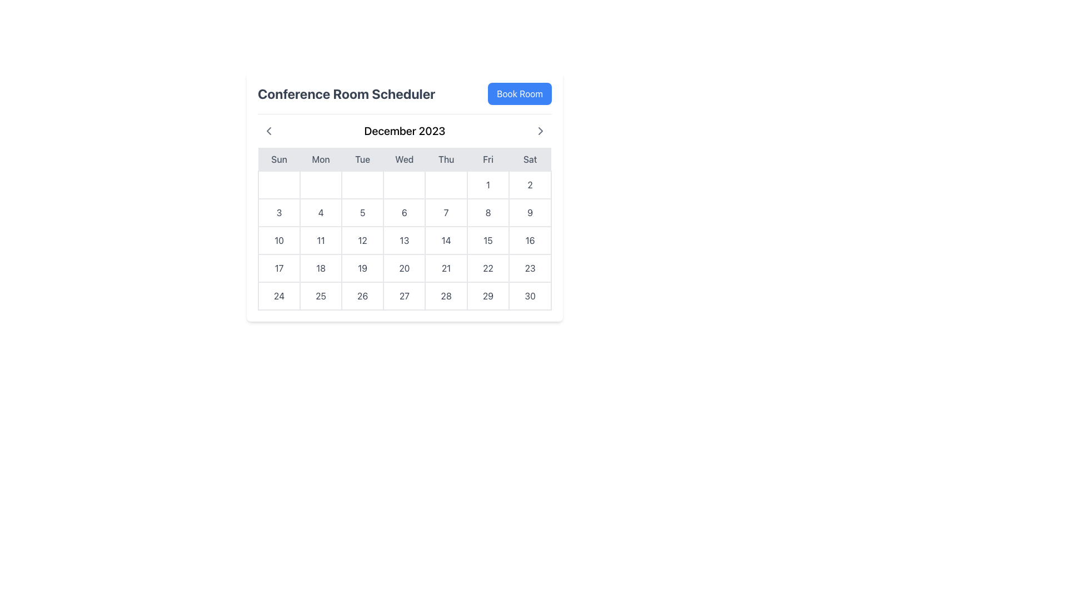 The width and height of the screenshot is (1067, 600). Describe the element at coordinates (279, 239) in the screenshot. I see `the clickable date cell displaying the number '10'` at that location.